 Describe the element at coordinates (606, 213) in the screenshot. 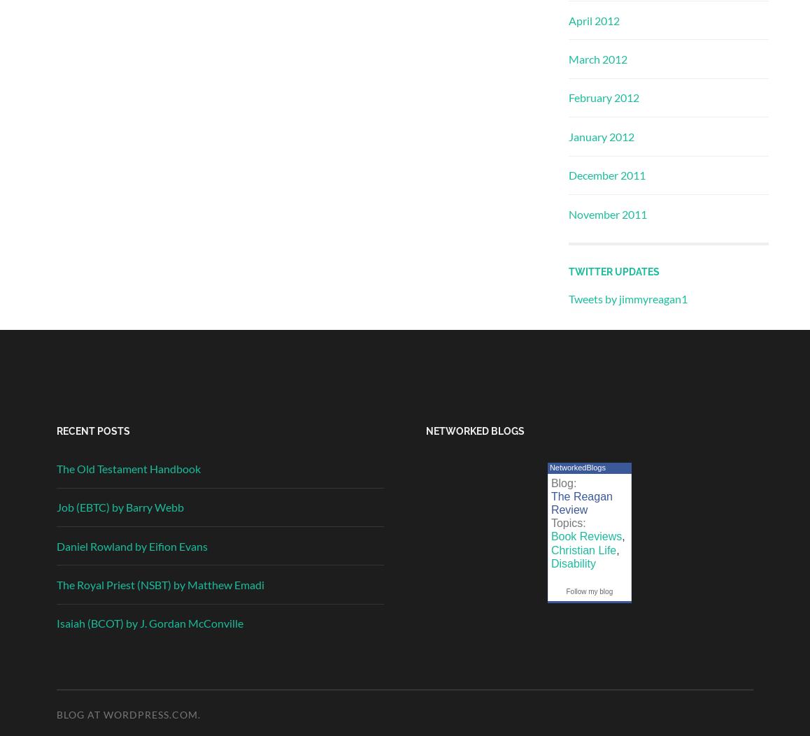

I see `'November 2011'` at that location.